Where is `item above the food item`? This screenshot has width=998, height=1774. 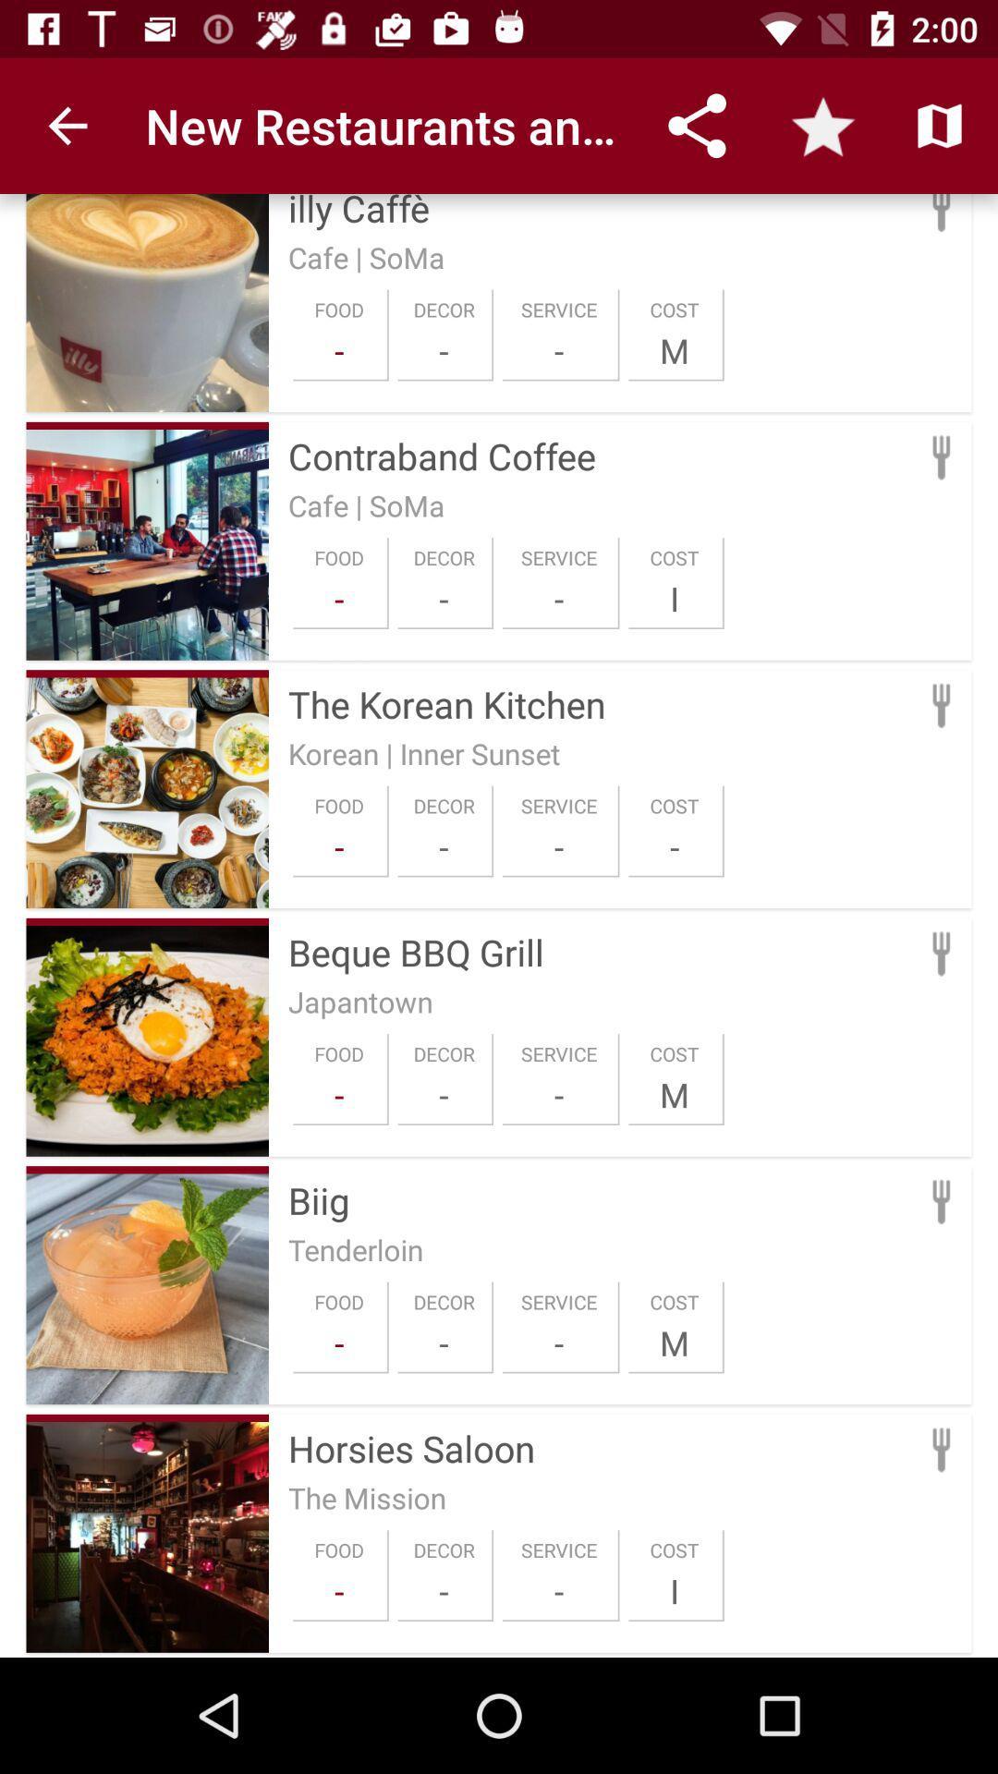
item above the food item is located at coordinates (360, 1001).